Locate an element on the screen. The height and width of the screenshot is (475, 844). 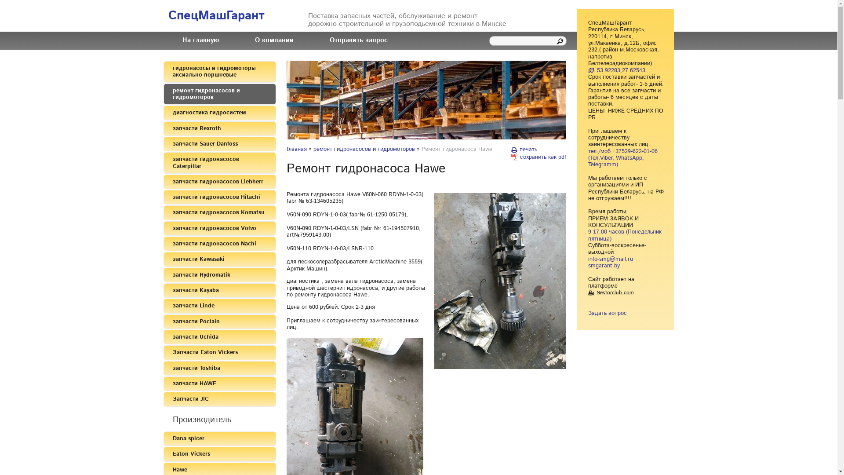
'smgarant.by' is located at coordinates (588, 265).